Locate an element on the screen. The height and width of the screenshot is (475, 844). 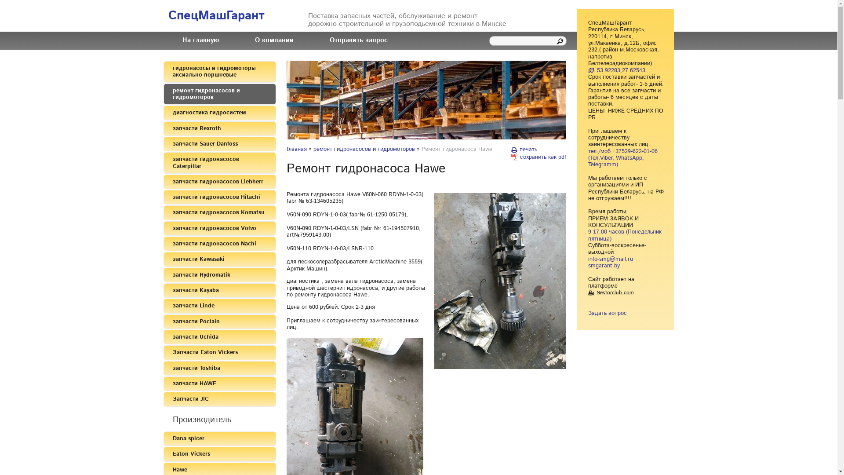
'smgarant.by' is located at coordinates (588, 265).